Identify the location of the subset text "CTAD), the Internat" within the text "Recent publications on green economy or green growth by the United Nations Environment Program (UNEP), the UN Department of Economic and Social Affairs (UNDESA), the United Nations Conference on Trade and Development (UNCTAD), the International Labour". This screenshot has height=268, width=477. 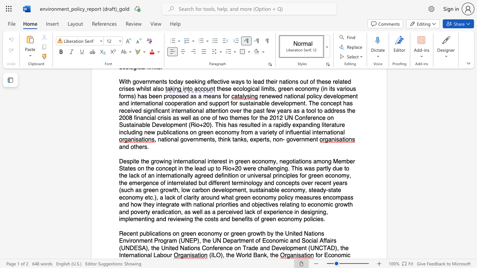
(319, 248).